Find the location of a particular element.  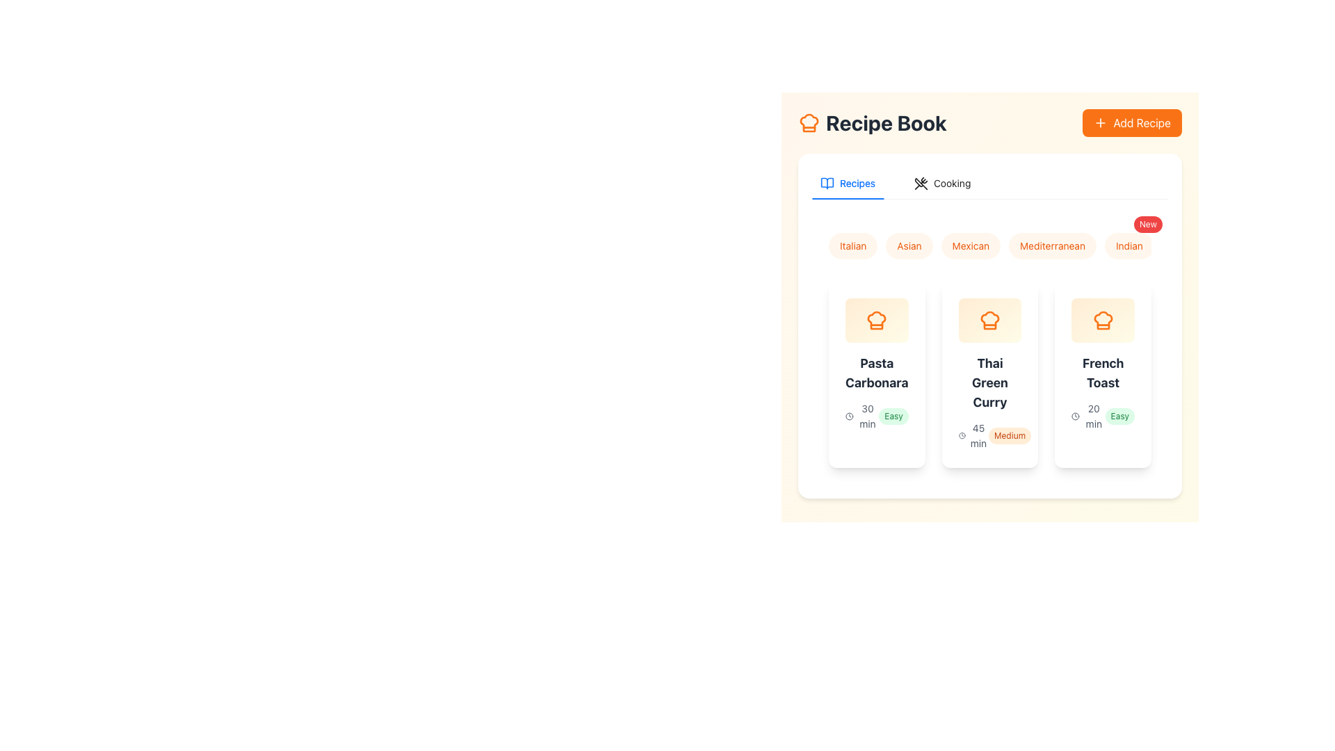

the small clock icon with a minimalistic, thin-line appearance located to the left of the text '45 min' in the recipe card for 'Thai Green Curry' is located at coordinates (961, 435).